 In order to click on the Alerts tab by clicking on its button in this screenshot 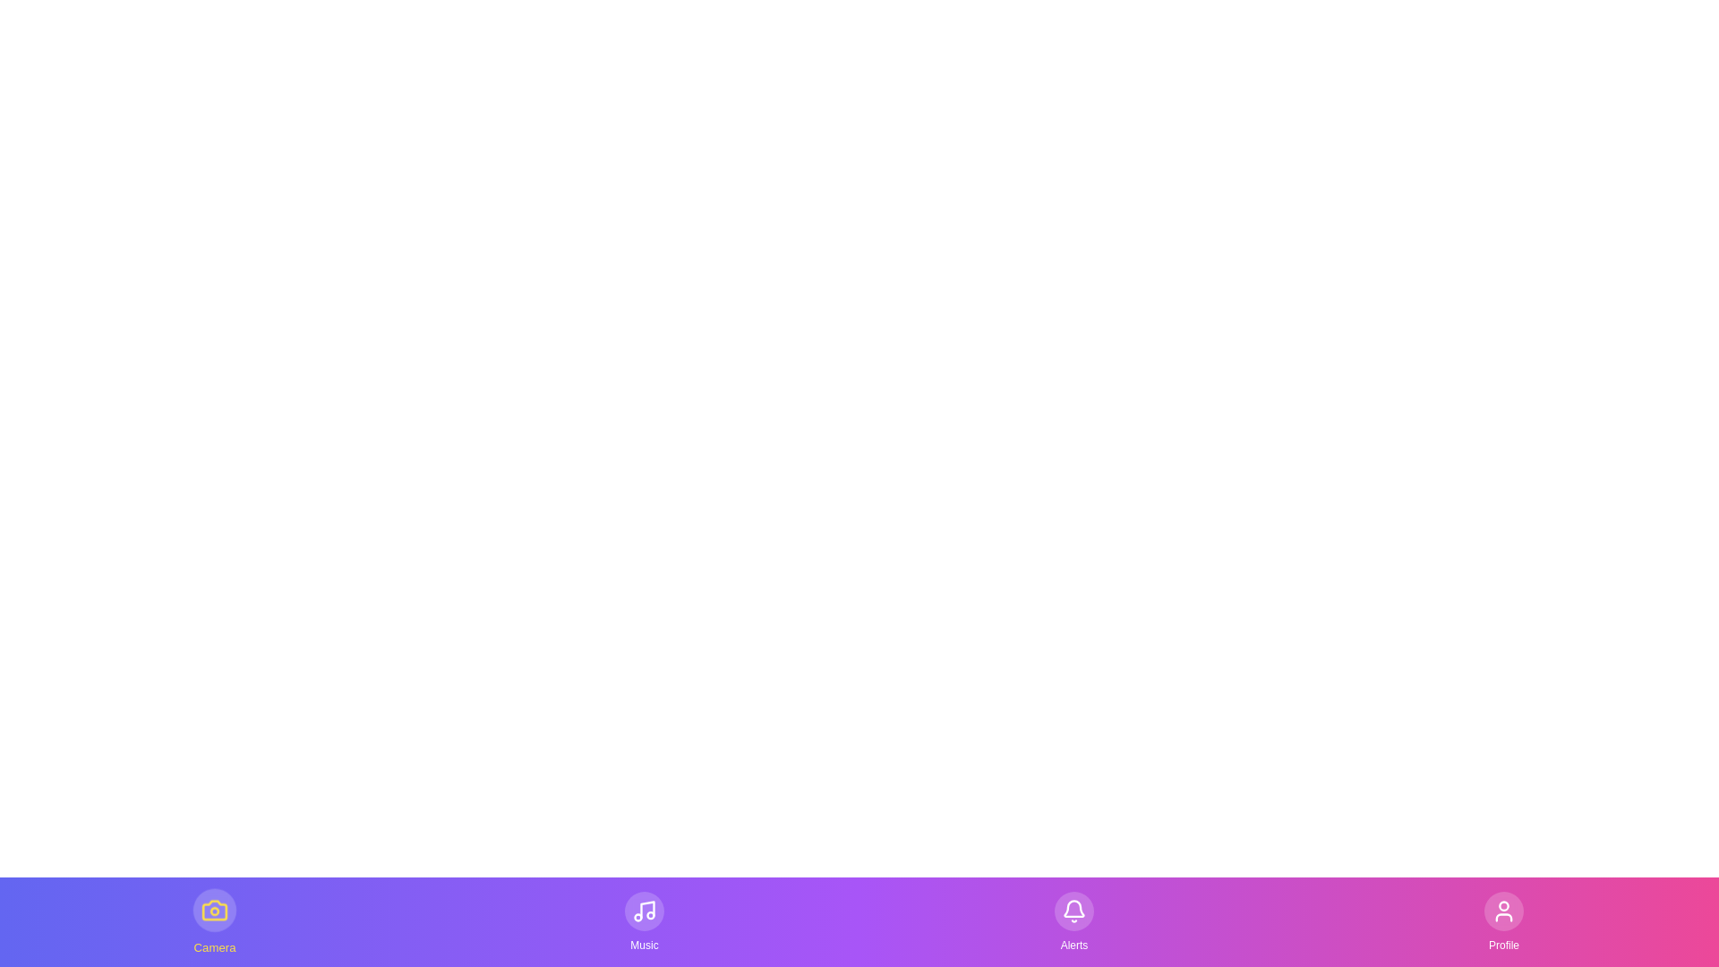, I will do `click(1074, 921)`.